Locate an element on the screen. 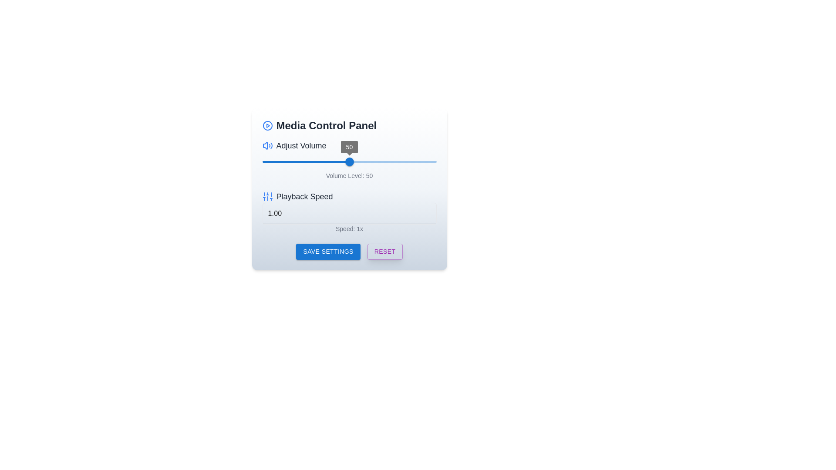 The image size is (836, 470). the main part of the speaker icon, which is a geometric outline suggesting the body of the speaker, to interact with it is located at coordinates (265, 145).